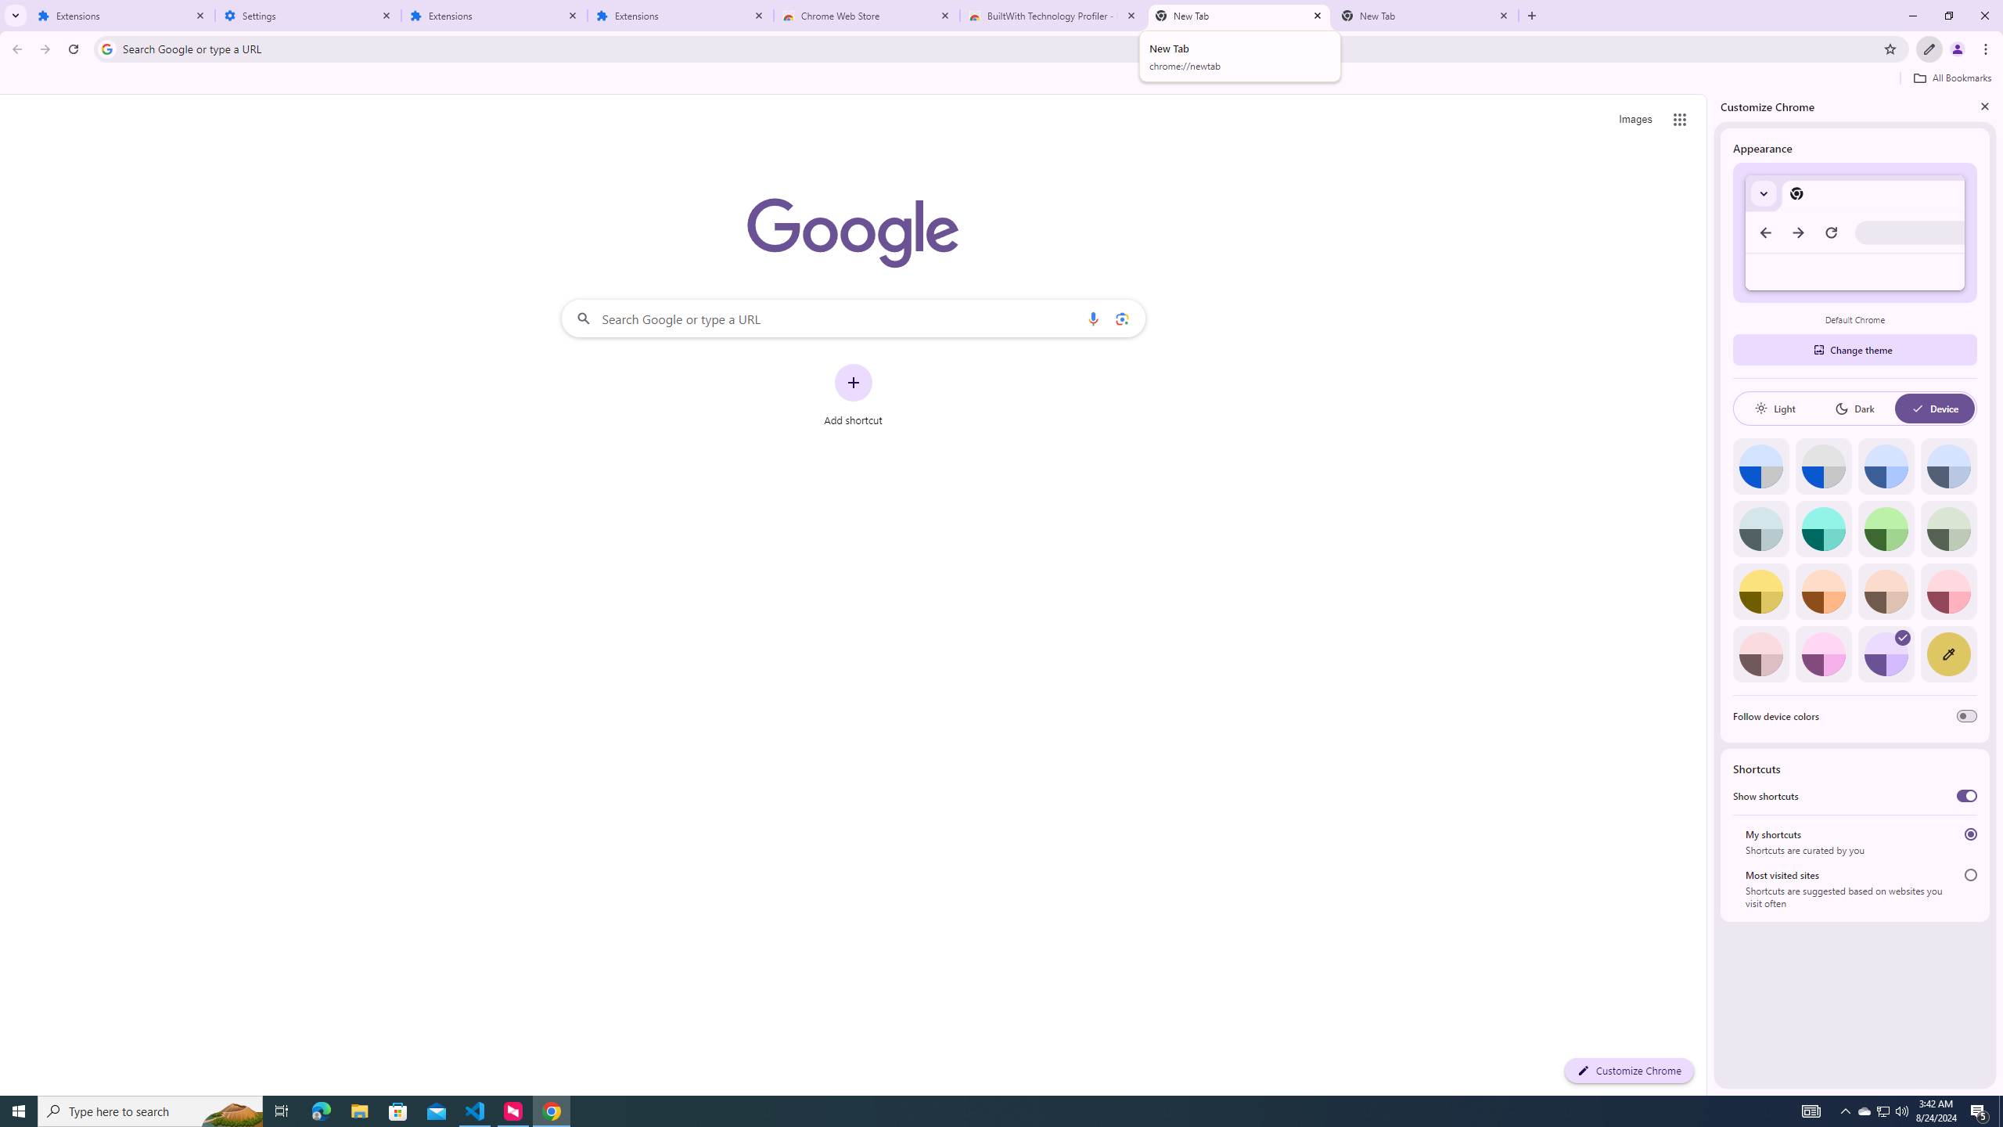 This screenshot has width=2003, height=1127. I want to click on 'Follow device colors', so click(1965, 716).